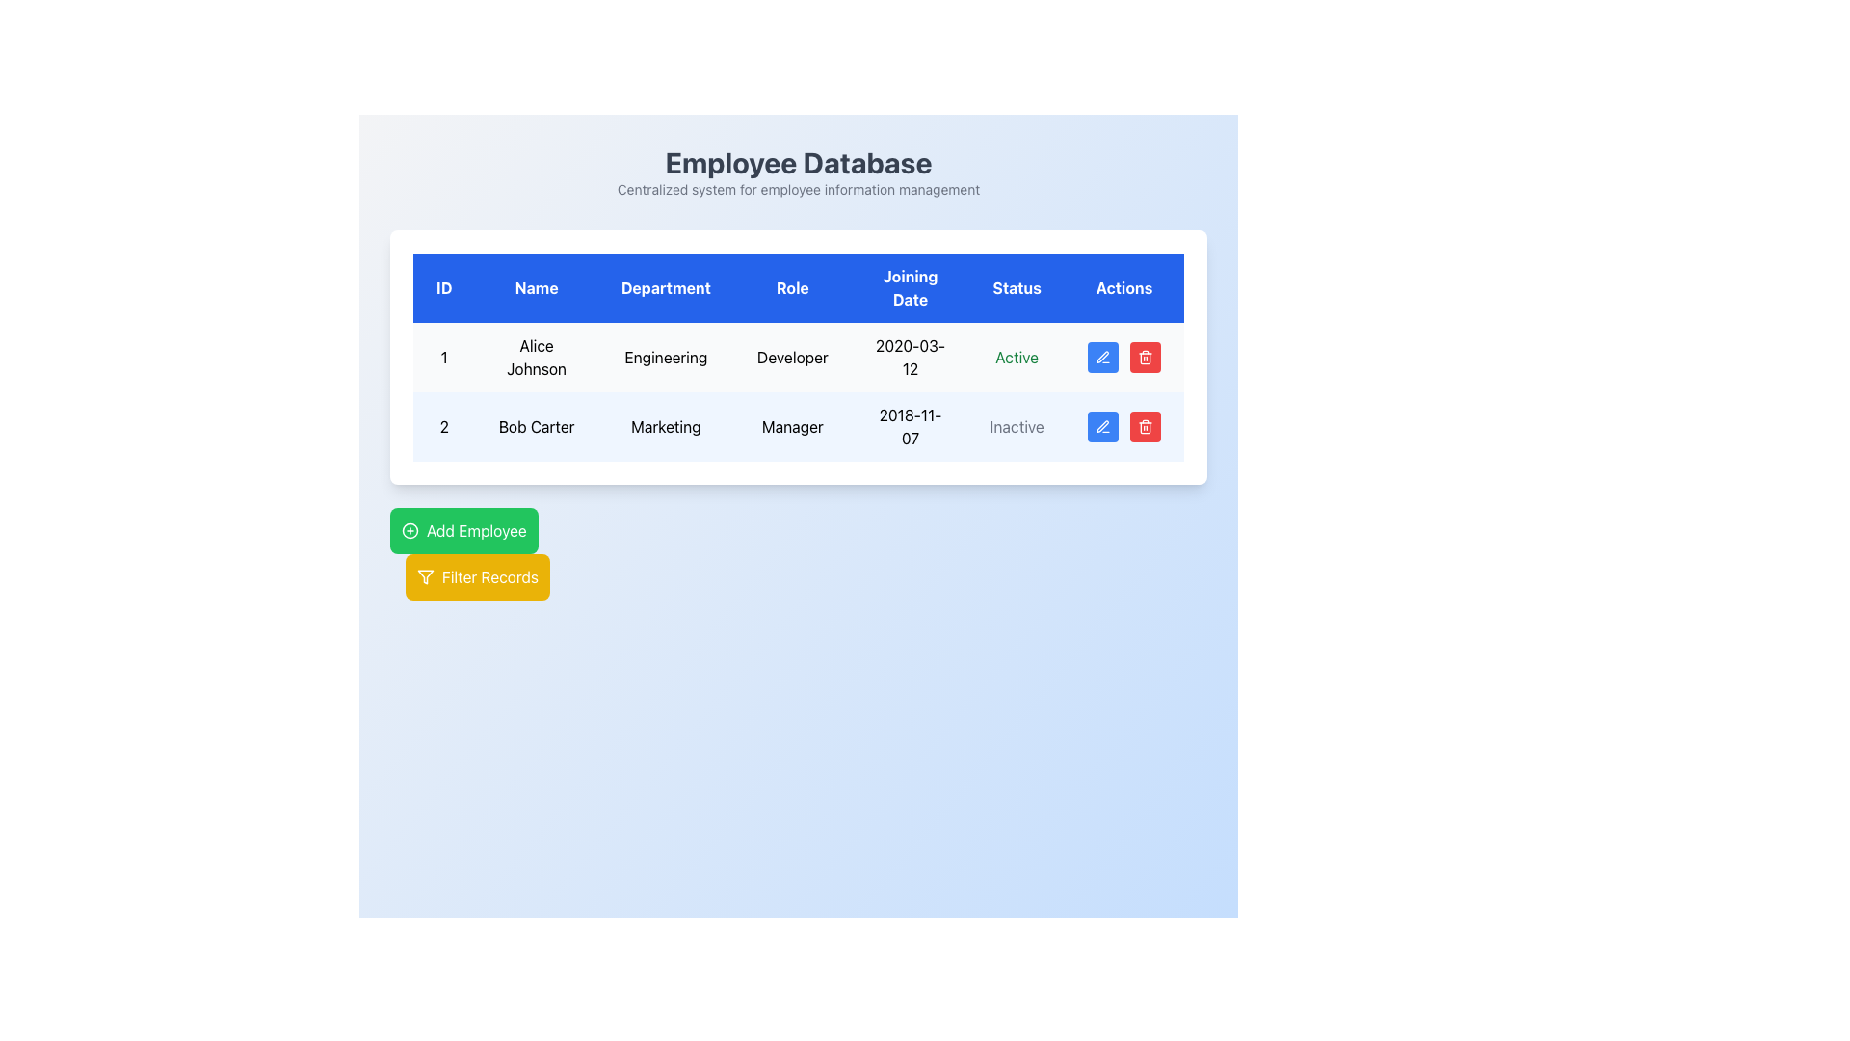 This screenshot has width=1850, height=1041. What do you see at coordinates (463, 531) in the screenshot?
I see `the green 'Add Employee' button with rounded corners that has a white text label and a circular plus icon` at bounding box center [463, 531].